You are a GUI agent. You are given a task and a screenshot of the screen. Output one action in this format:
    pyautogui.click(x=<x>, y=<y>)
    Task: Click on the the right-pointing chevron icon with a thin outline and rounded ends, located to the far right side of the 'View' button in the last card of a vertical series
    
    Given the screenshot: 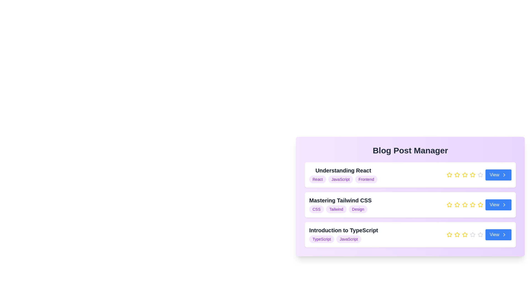 What is the action you would take?
    pyautogui.click(x=504, y=235)
    